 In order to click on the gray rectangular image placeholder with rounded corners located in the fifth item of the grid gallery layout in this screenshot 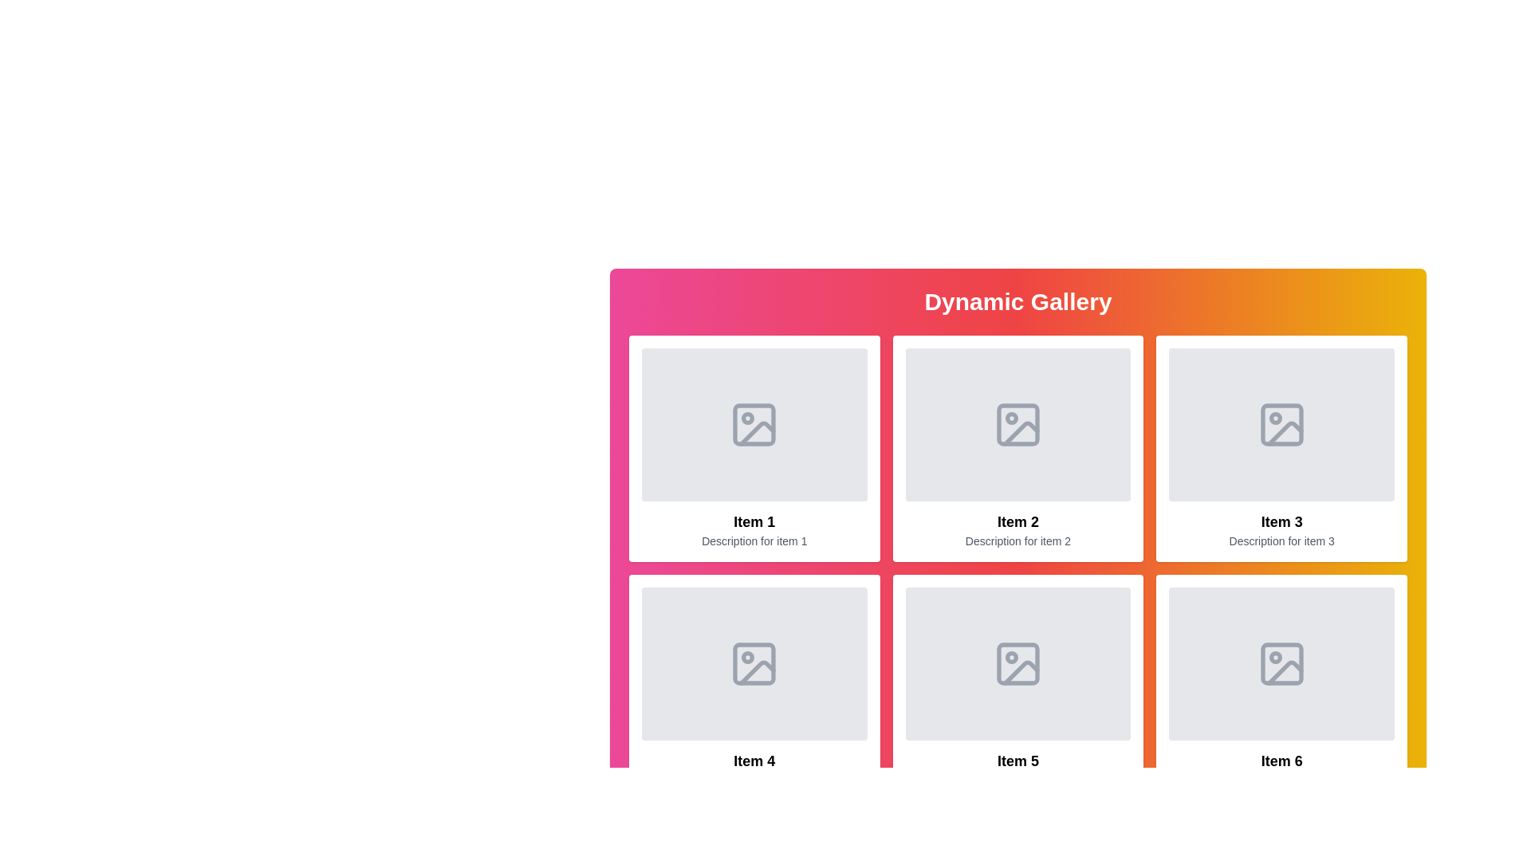, I will do `click(1017, 664)`.